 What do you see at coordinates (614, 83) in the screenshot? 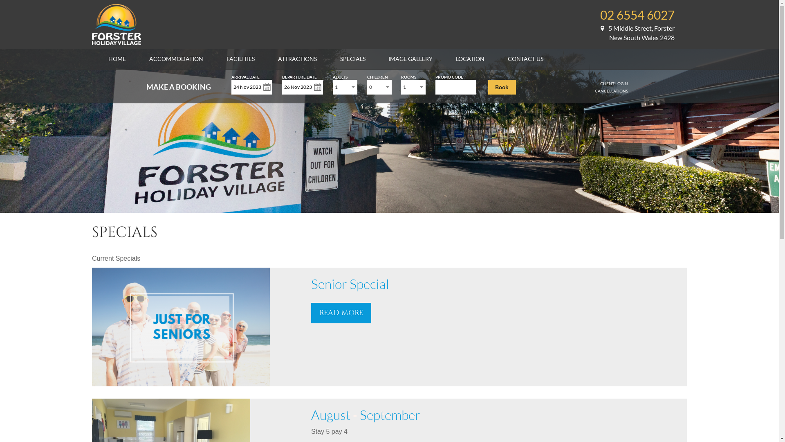
I see `'CLIENT LOGIN'` at bounding box center [614, 83].